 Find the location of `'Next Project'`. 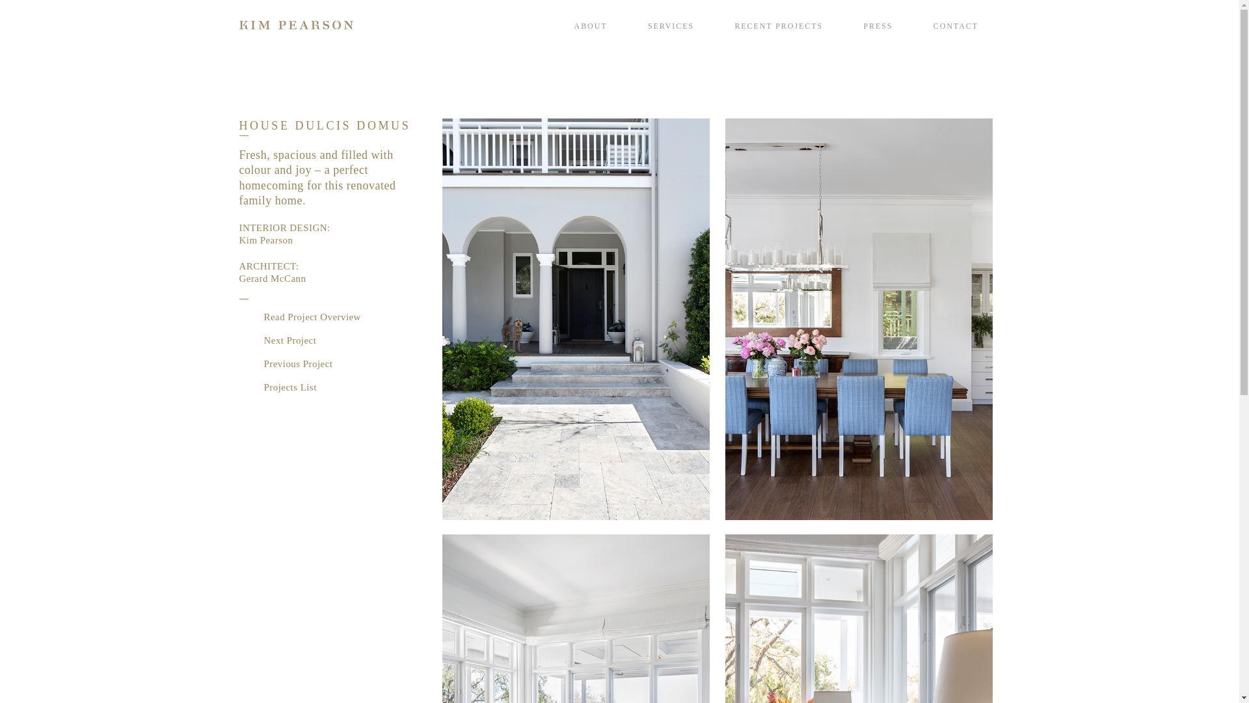

'Next Project' is located at coordinates (277, 340).